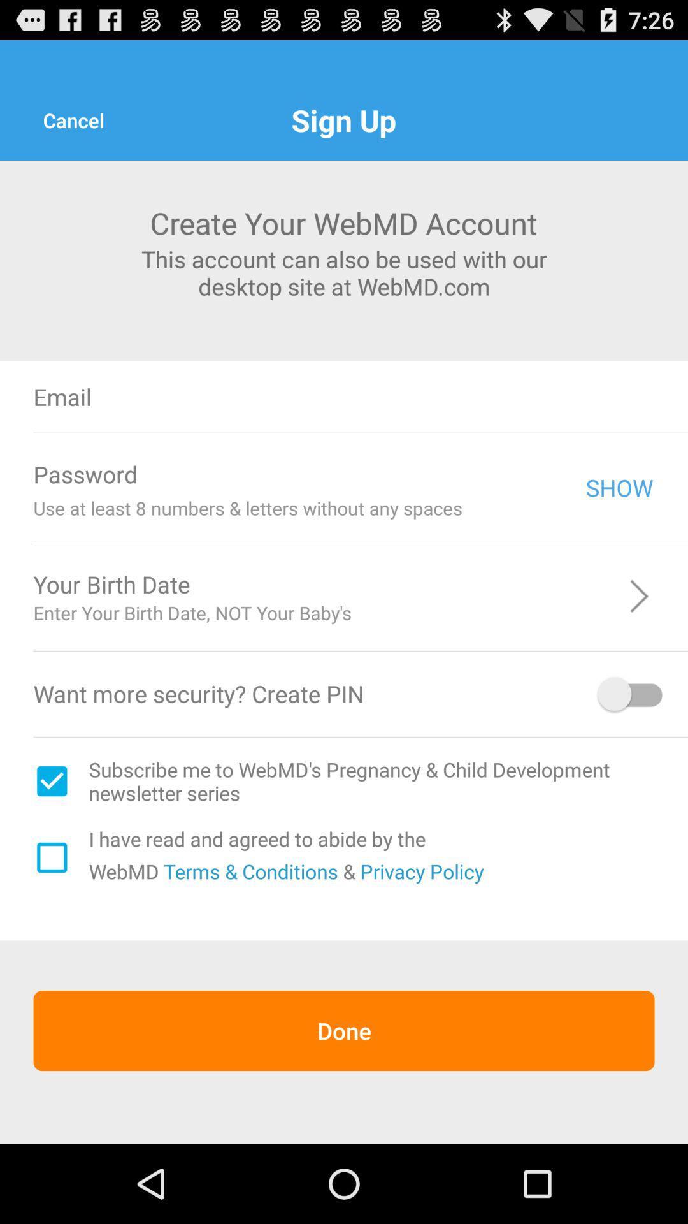 This screenshot has height=1224, width=688. I want to click on terms & conditions, so click(248, 870).